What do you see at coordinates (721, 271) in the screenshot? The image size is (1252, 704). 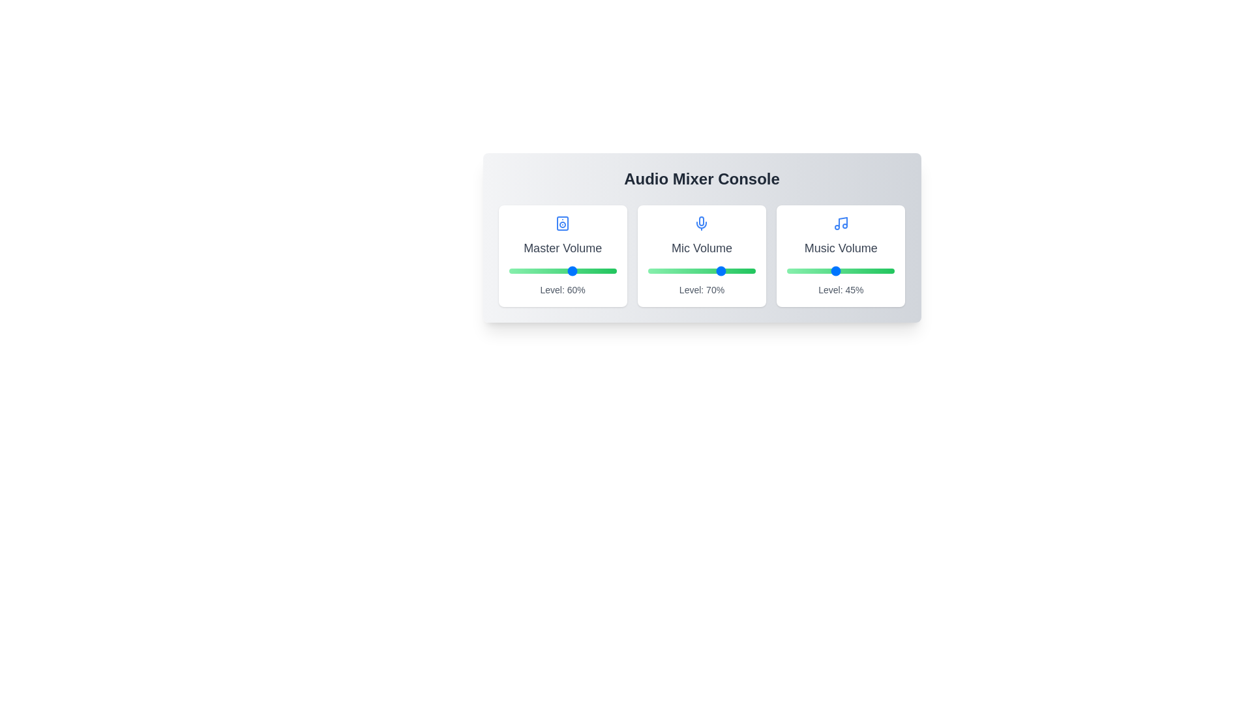 I see `the Mic Volume slider to 68%` at bounding box center [721, 271].